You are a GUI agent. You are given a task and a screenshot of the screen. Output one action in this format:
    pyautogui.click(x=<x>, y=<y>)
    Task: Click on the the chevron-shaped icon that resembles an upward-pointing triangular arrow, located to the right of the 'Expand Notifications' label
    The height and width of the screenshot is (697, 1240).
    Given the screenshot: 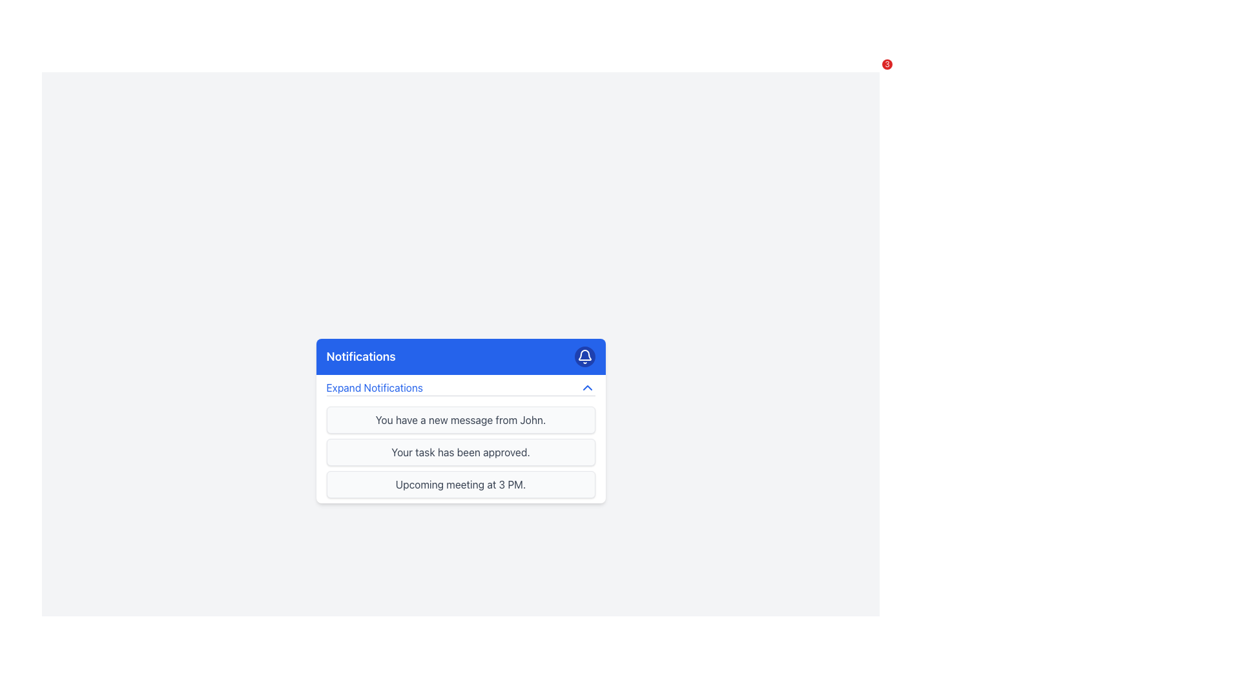 What is the action you would take?
    pyautogui.click(x=586, y=387)
    